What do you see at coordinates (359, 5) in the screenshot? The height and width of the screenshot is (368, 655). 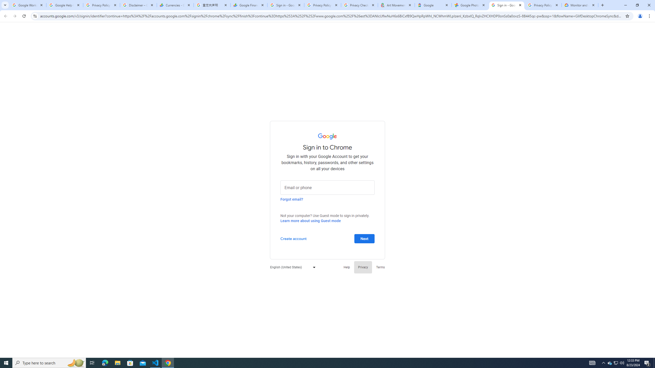 I see `'Privacy Checkup'` at bounding box center [359, 5].